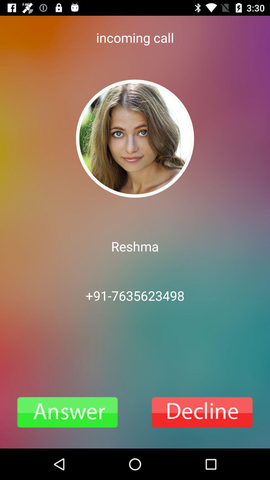 The height and width of the screenshot is (480, 270). What do you see at coordinates (202, 412) in the screenshot?
I see `decline call` at bounding box center [202, 412].